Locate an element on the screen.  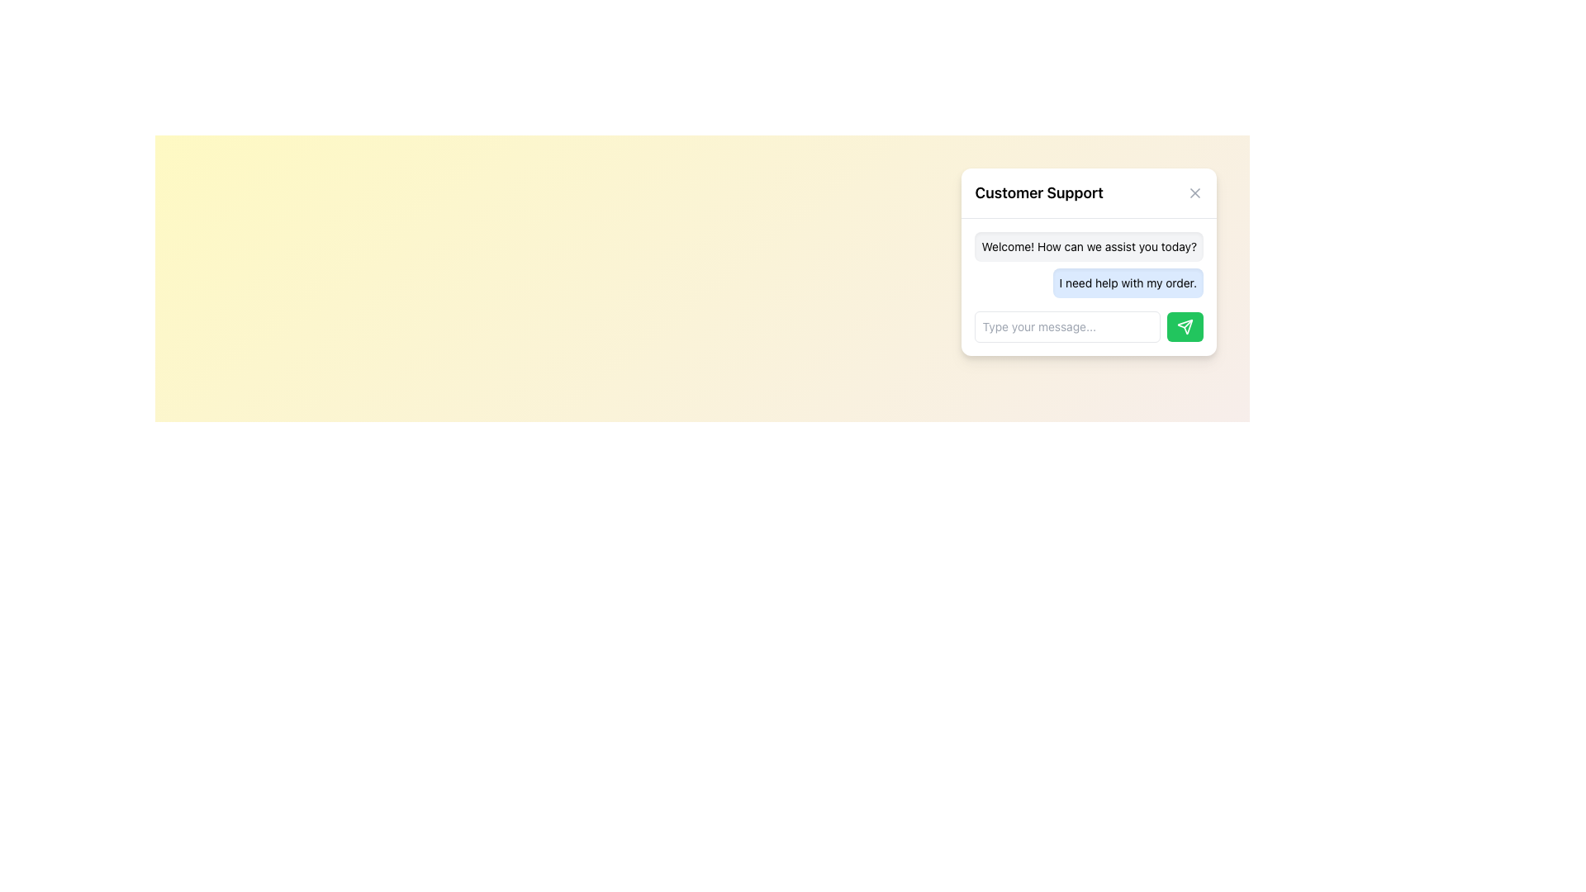
the close button represented by a diagonal cross (X) icon located in the top right corner of the 'Customer Support' dialog box is located at coordinates (1194, 192).